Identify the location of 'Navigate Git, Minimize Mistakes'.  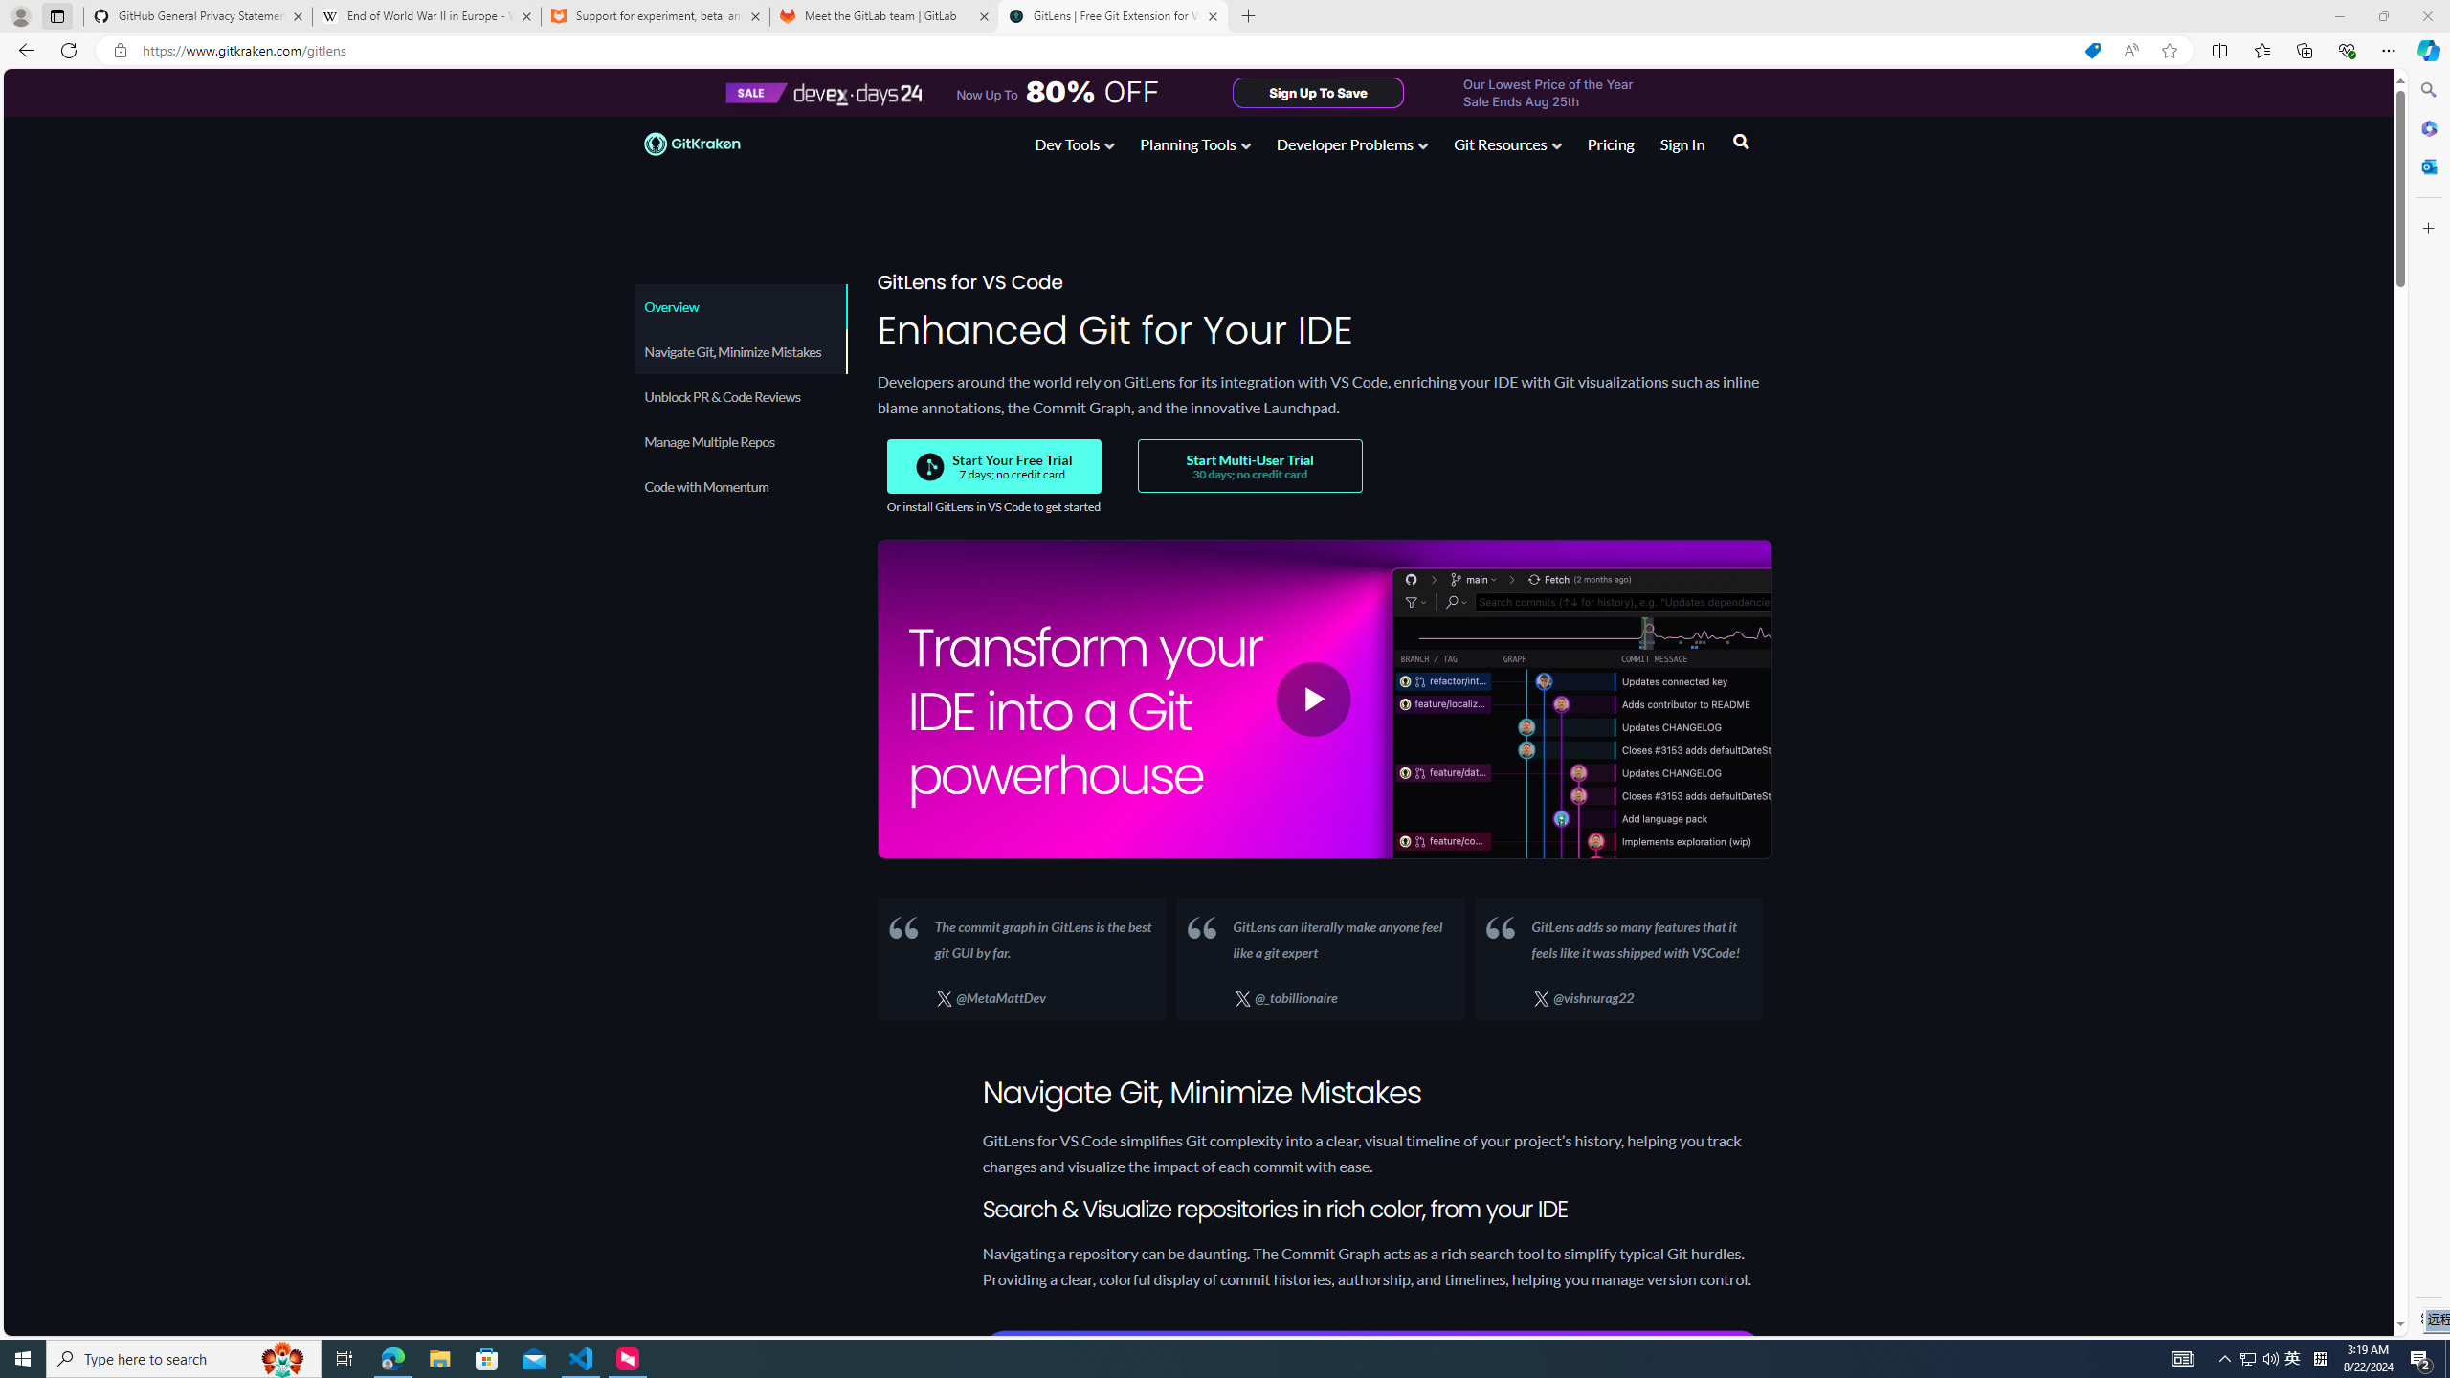
(741, 351).